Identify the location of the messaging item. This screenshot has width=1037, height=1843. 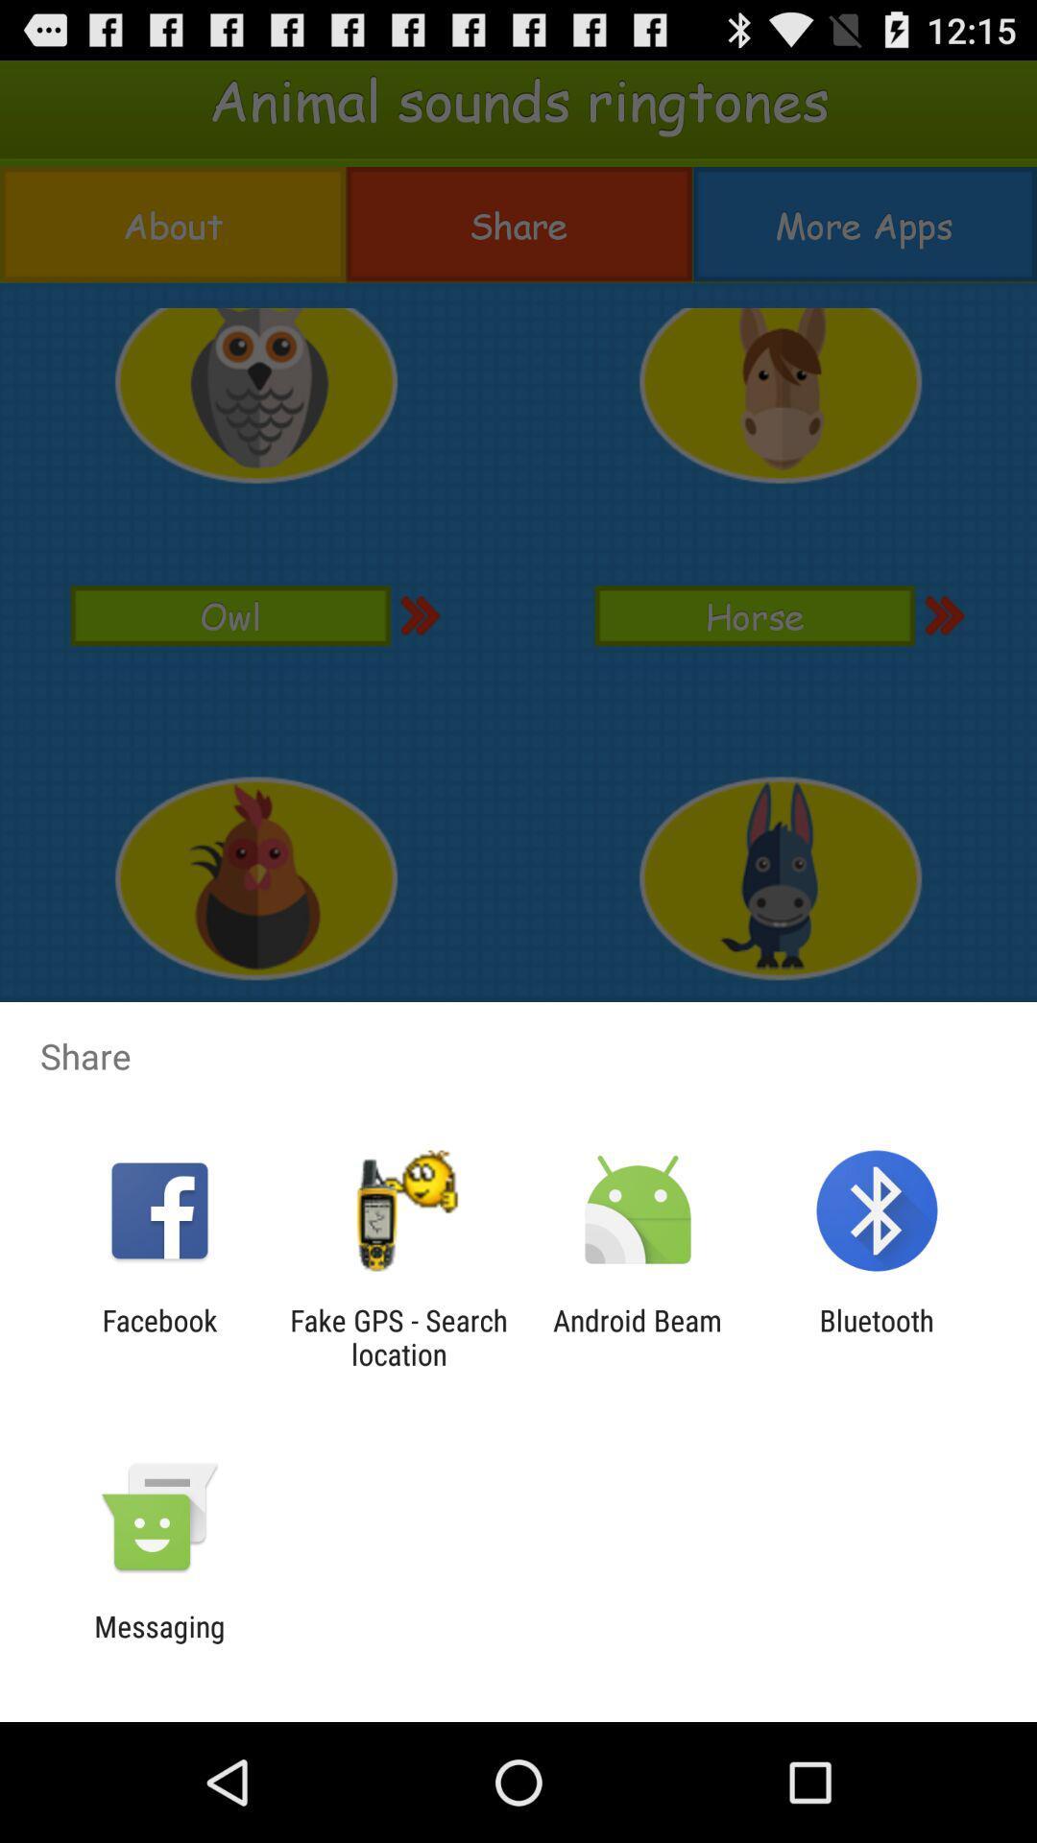
(158, 1642).